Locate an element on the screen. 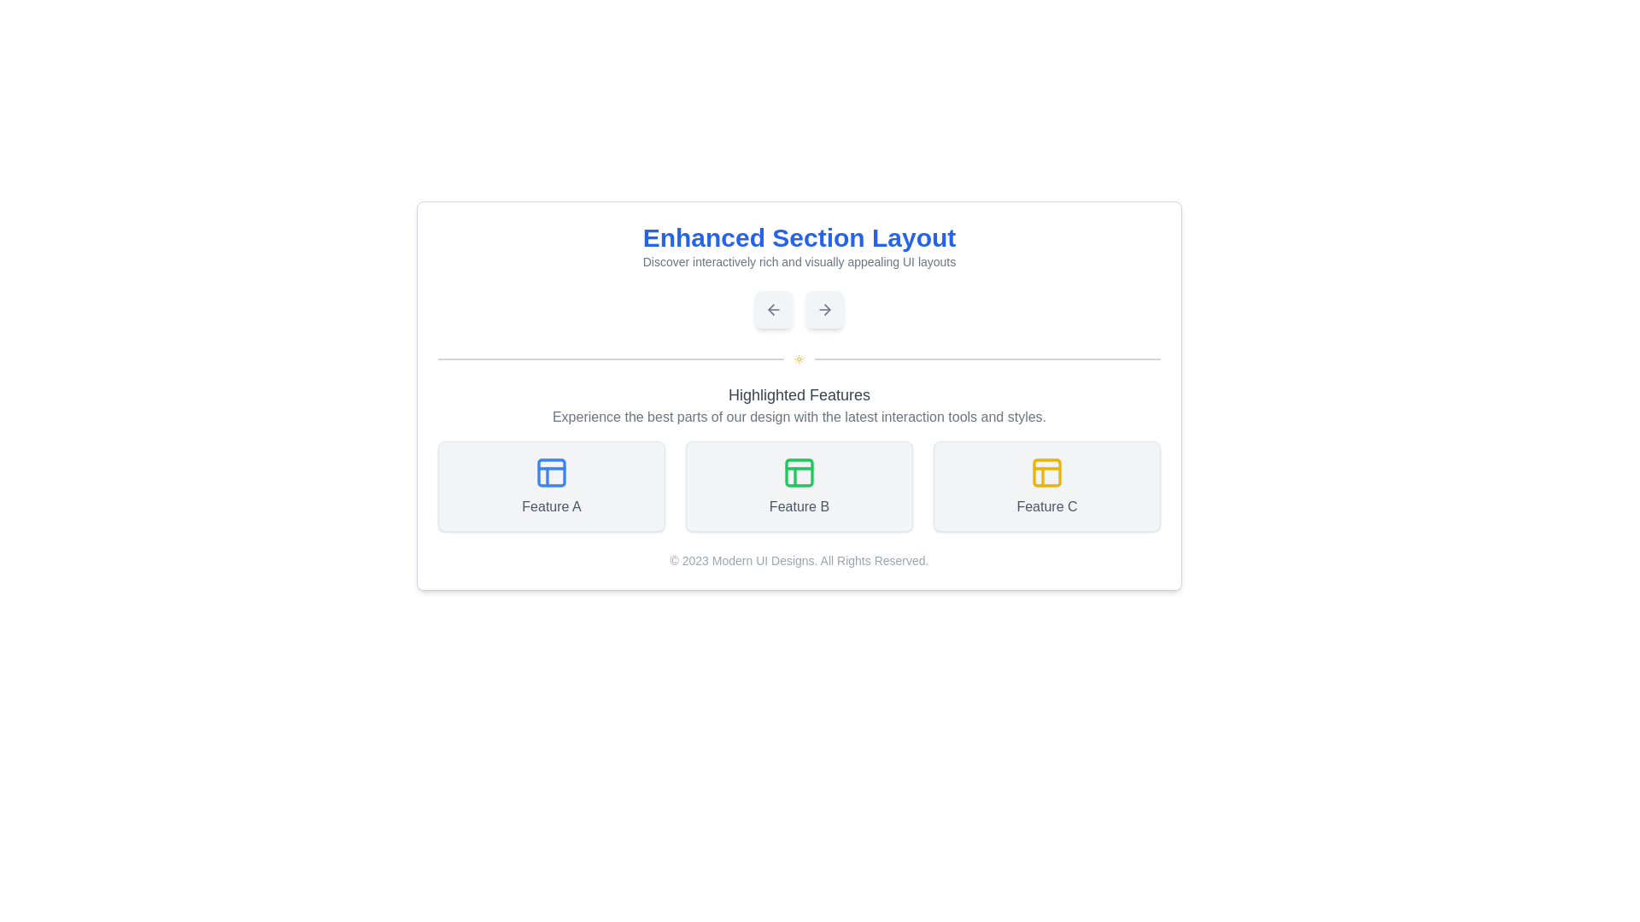 The height and width of the screenshot is (922, 1640). the Informational card labeled 'Feature C' located in the bottom-right corner of the layout's middle section, to the right of 'Feature B' and below 'Highlighted Features' is located at coordinates (1045, 487).